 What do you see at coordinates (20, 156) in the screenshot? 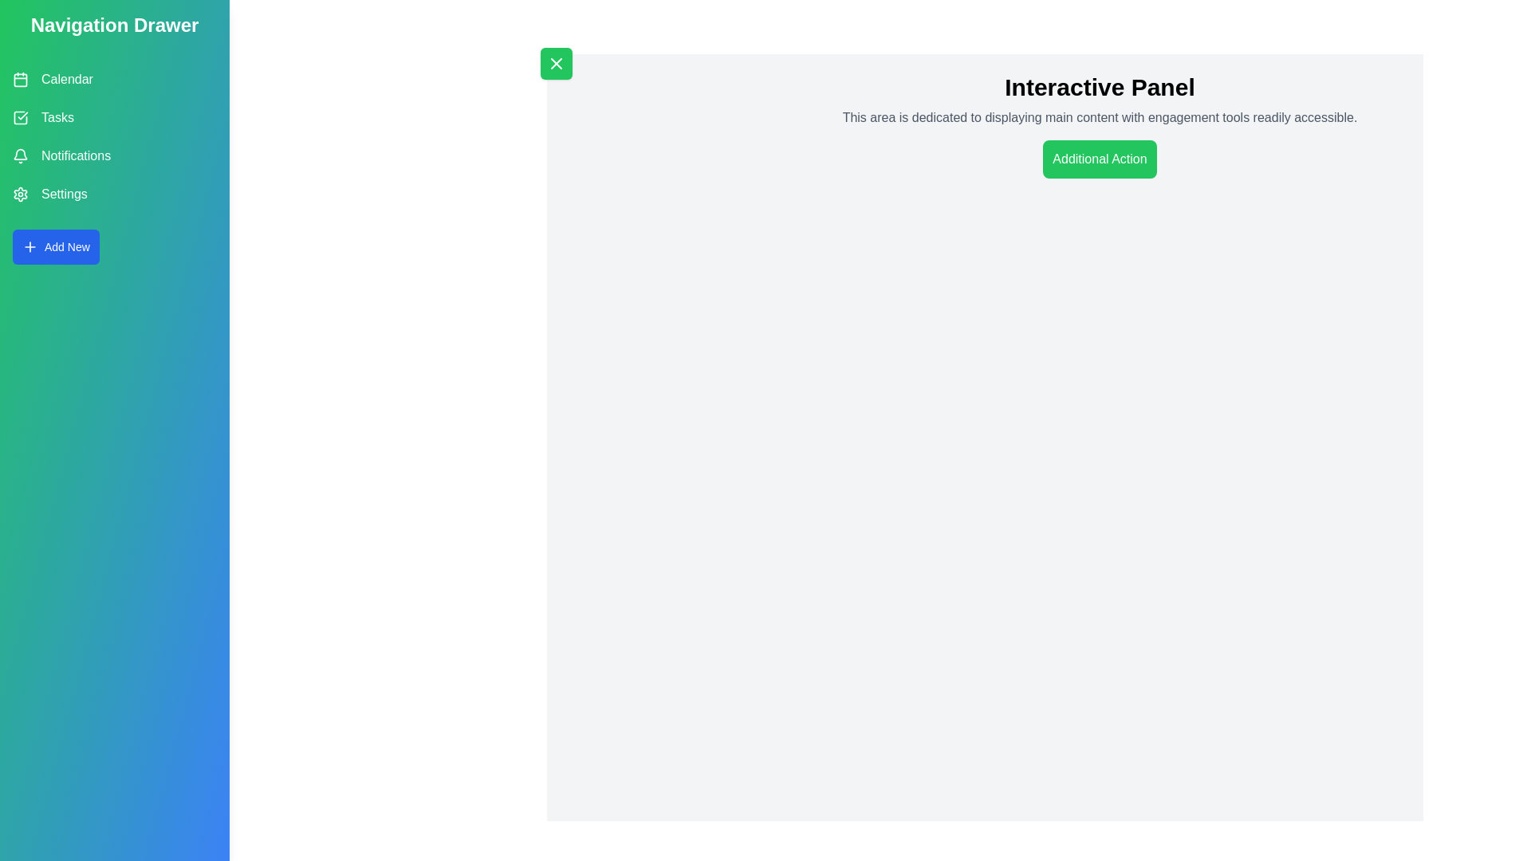
I see `the bell icon associated with notifications, located in the navigation menu on the left side, above the 'Notifications' text` at bounding box center [20, 156].